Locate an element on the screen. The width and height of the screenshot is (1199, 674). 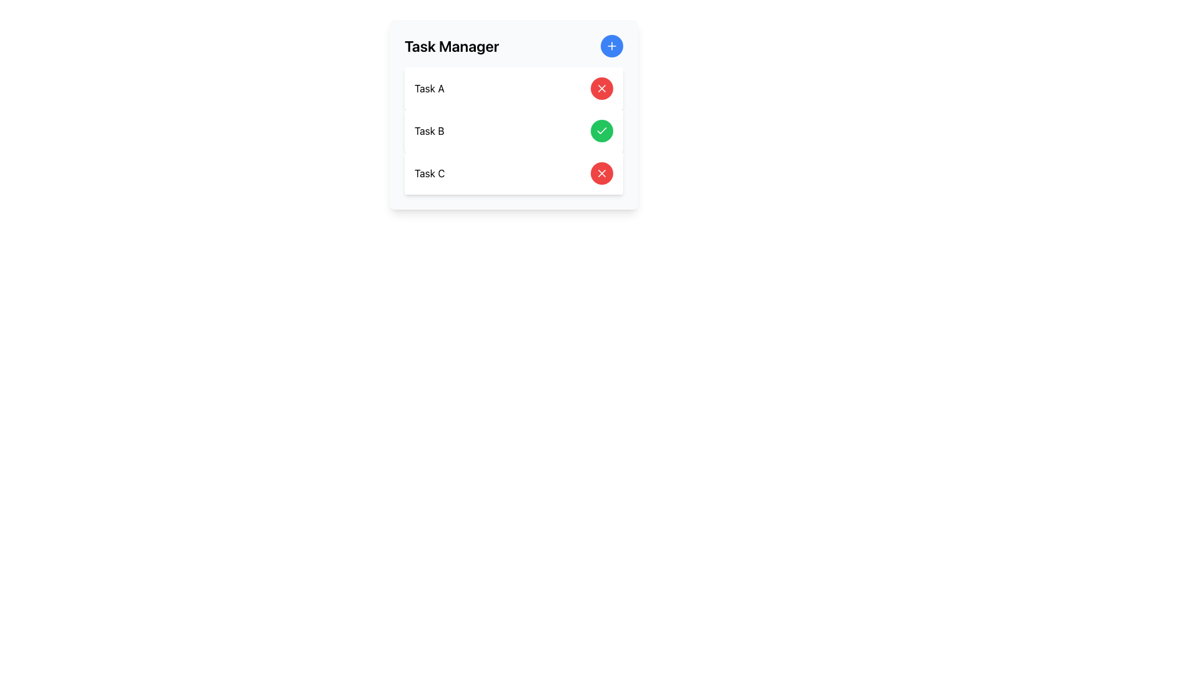
the green checkmark icon representing the completion of 'Task B' located in the second row of the task list is located at coordinates (602, 130).